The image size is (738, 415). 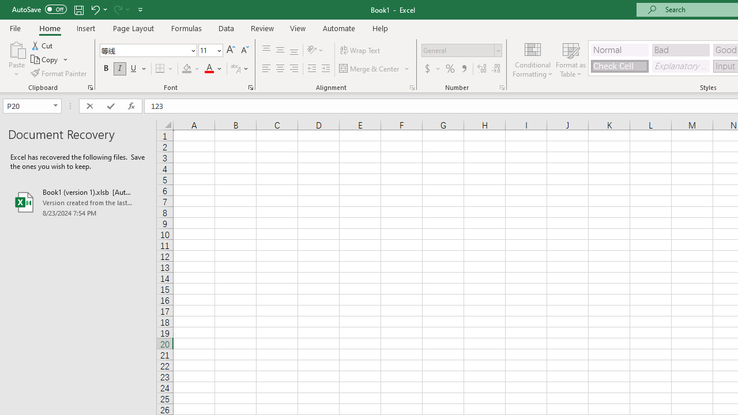 I want to click on 'Explanatory Text', so click(x=680, y=66).